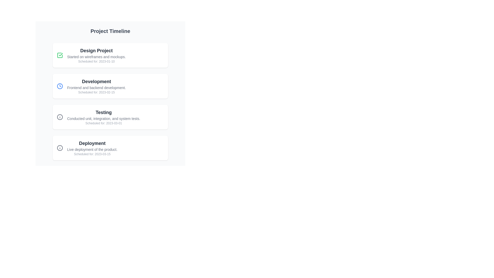 This screenshot has height=278, width=494. What do you see at coordinates (103, 123) in the screenshot?
I see `the informational text label displaying the scheduled date for the 'Testing' activity in the project timeline, located at the bottom of the 'Testing' section` at bounding box center [103, 123].